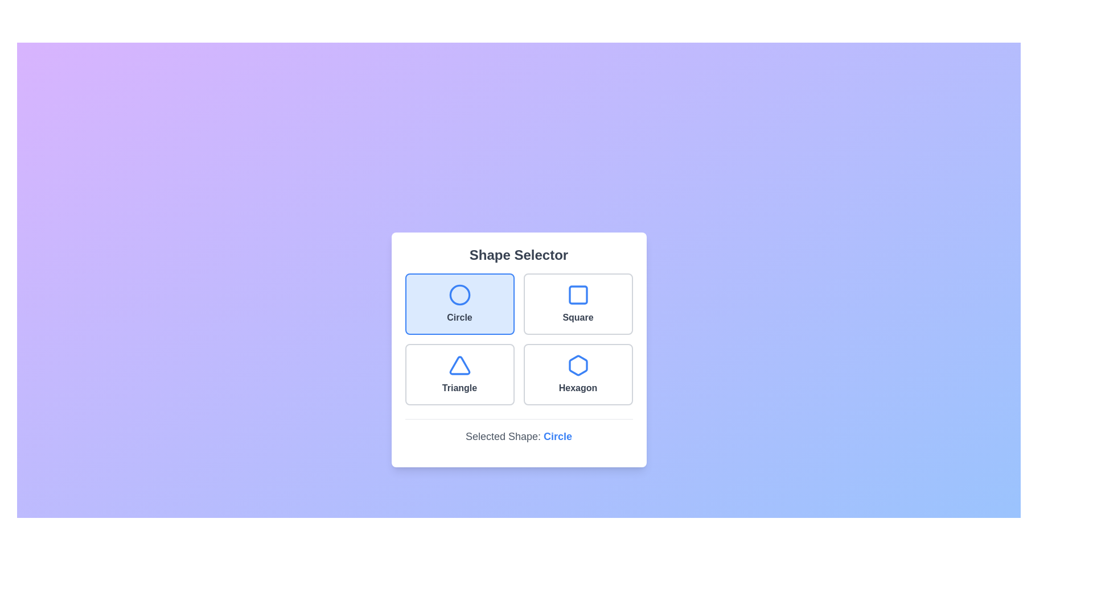 Image resolution: width=1093 pixels, height=614 pixels. Describe the element at coordinates (459, 374) in the screenshot. I see `the shape button corresponding to Triangle` at that location.